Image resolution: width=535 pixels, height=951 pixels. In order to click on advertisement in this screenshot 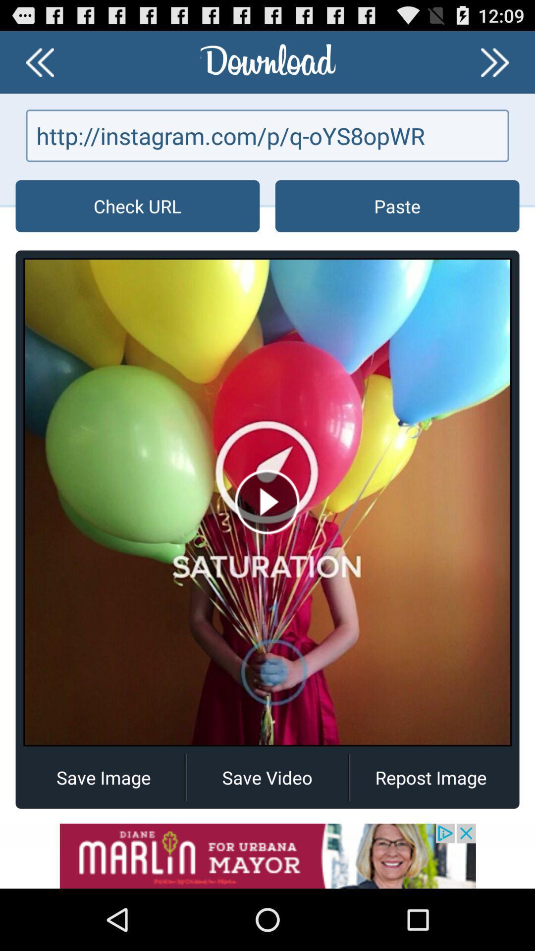, I will do `click(267, 855)`.